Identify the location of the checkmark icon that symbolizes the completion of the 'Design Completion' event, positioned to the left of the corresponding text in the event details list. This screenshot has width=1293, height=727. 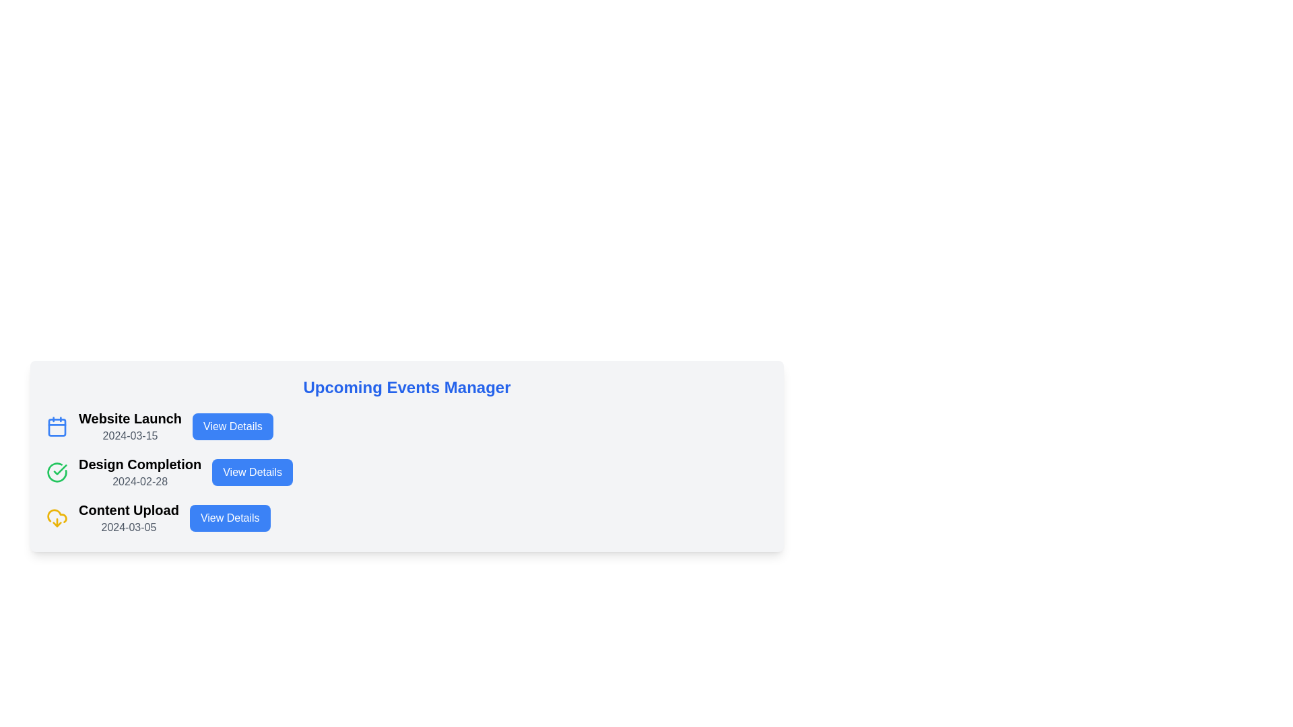
(59, 469).